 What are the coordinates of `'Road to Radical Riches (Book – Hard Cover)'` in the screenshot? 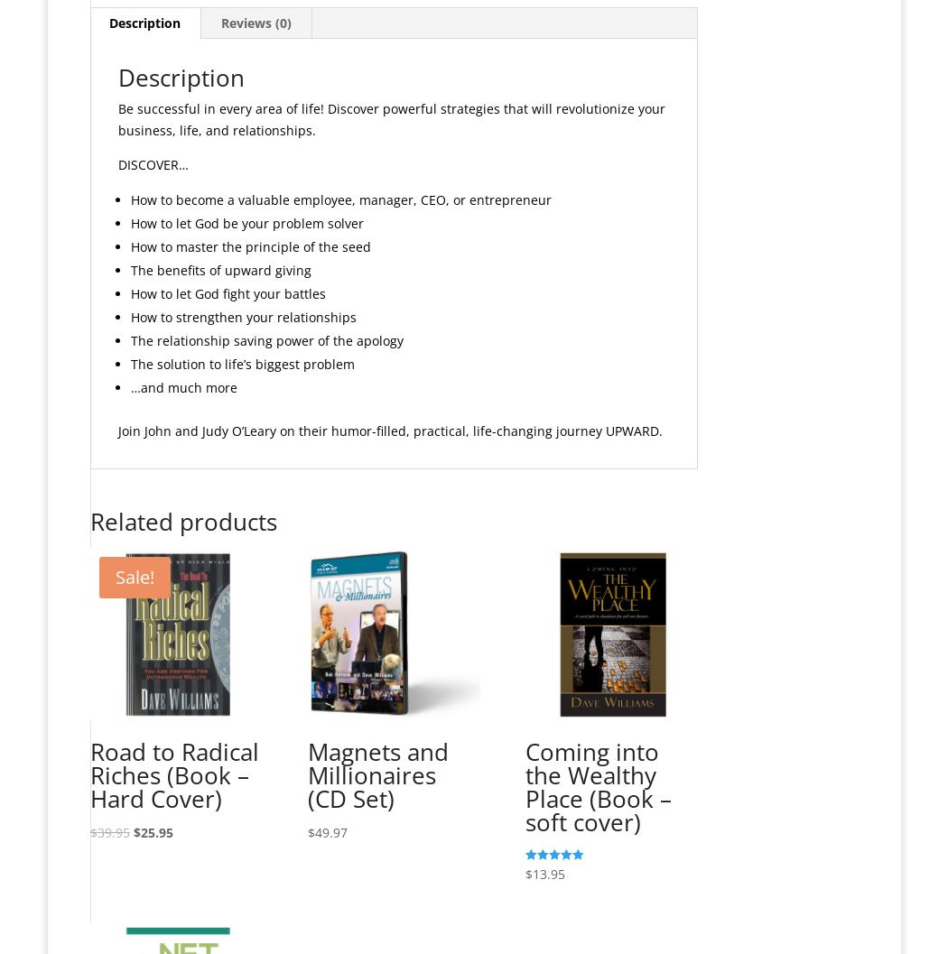 It's located at (172, 774).